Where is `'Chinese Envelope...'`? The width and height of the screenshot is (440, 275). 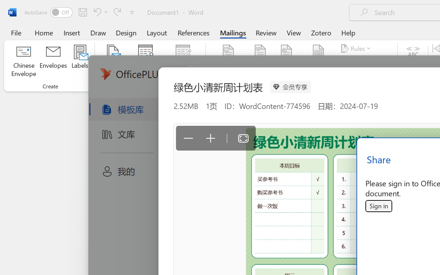 'Chinese Envelope...' is located at coordinates (24, 62).